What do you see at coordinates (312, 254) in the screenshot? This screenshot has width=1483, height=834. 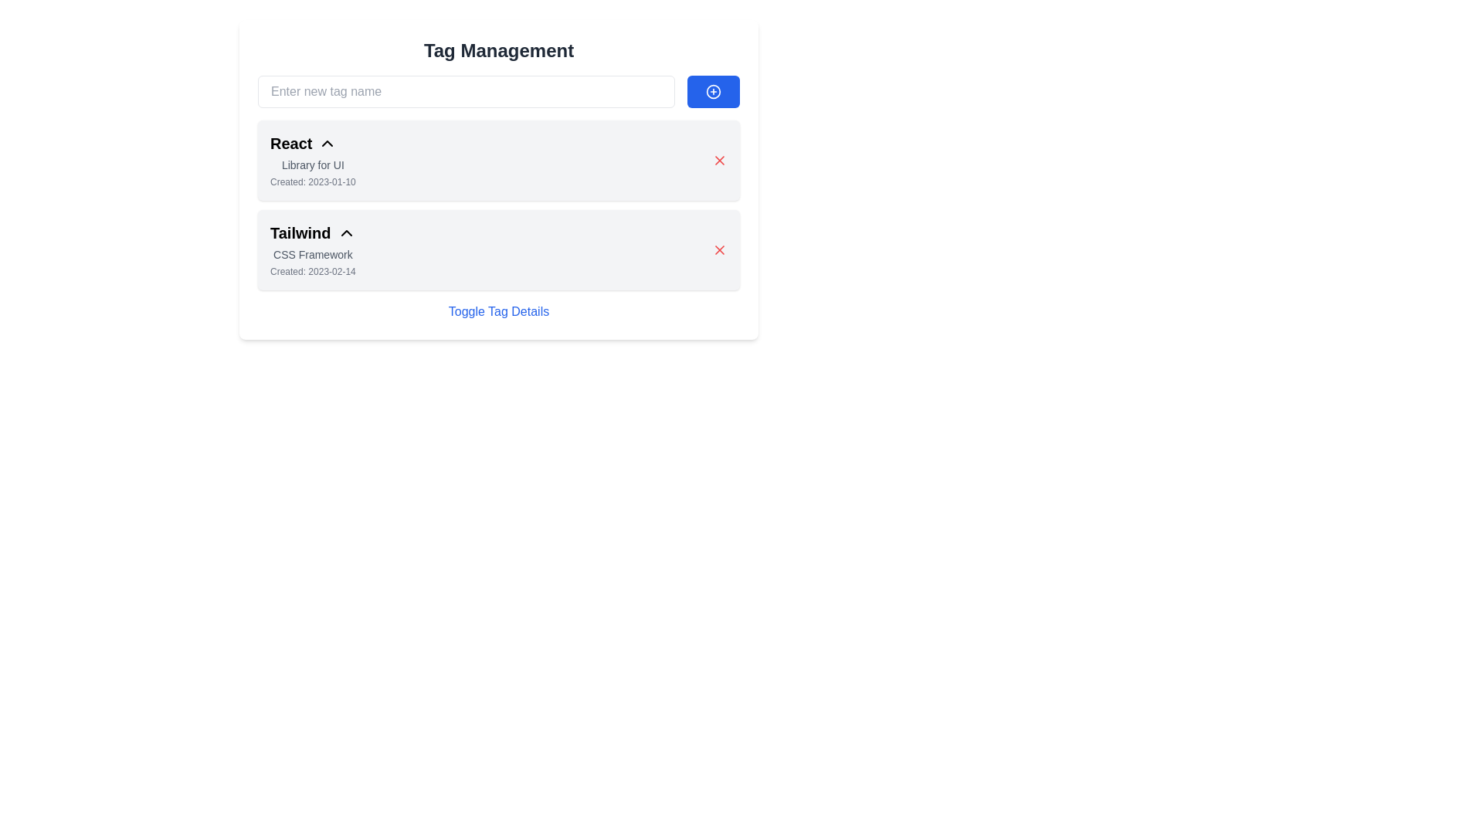 I see `the static text label displaying 'CSS Framework' located between the 'Tailwind' title and the timestamp 'Created: 2023-02-14' in Tag Management` at bounding box center [312, 254].